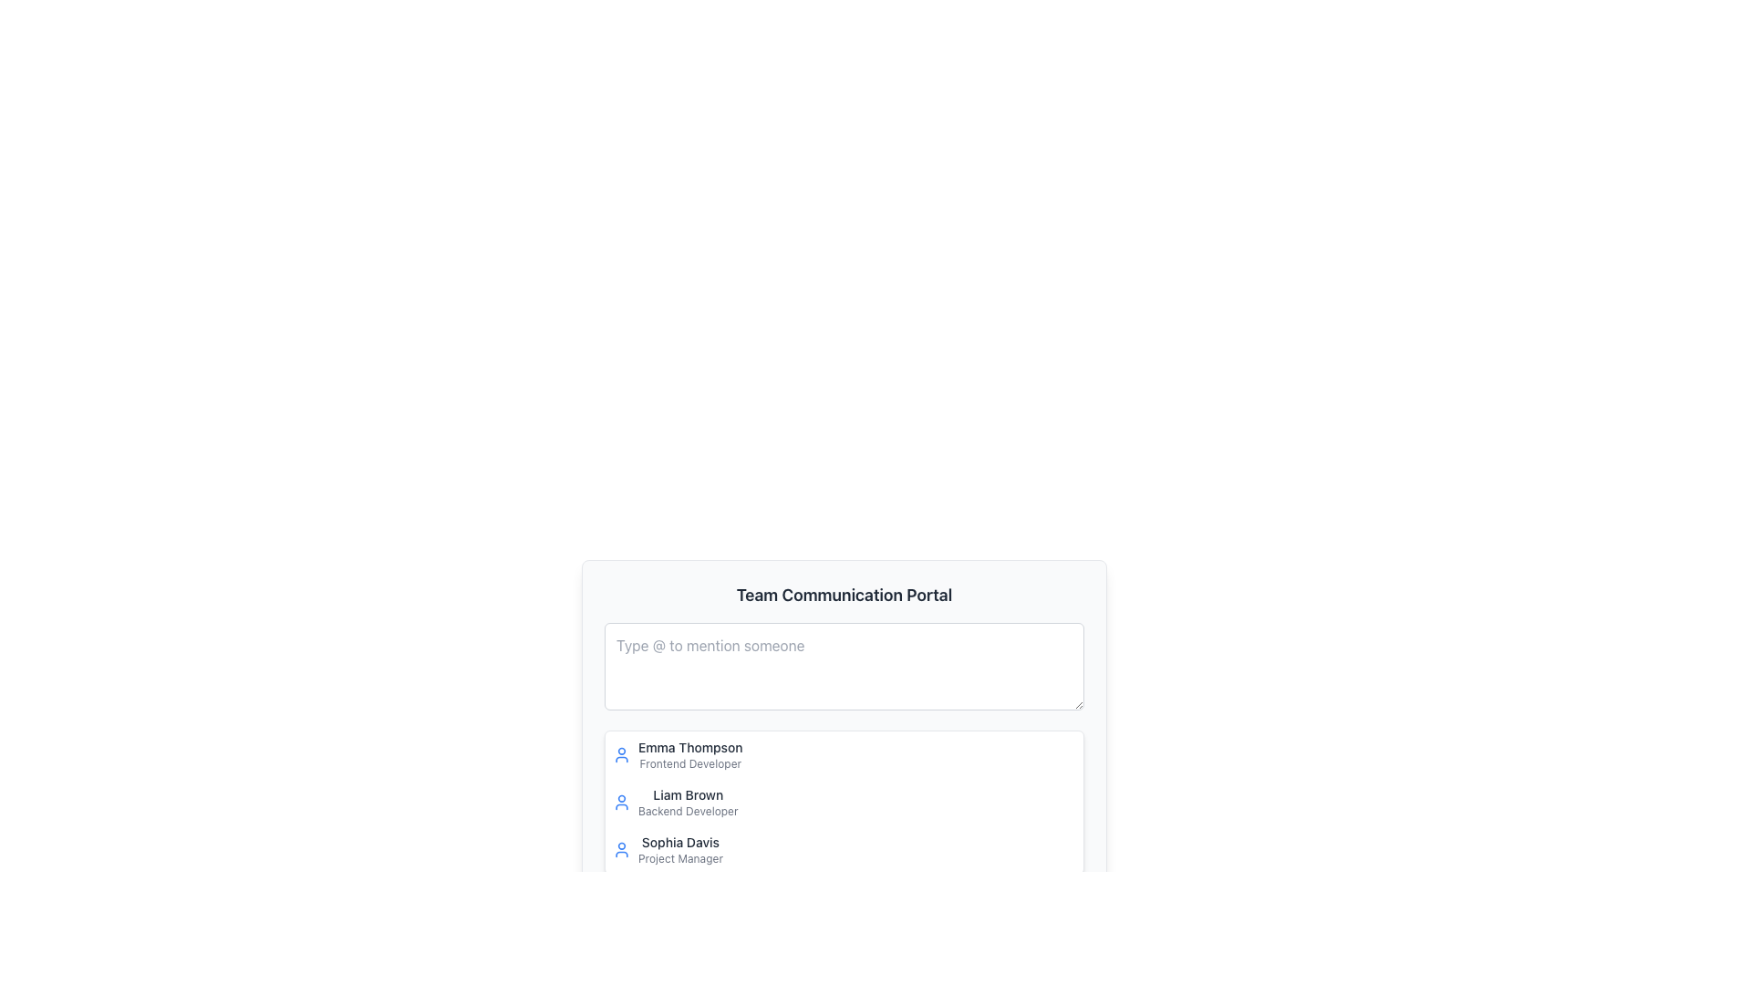 Image resolution: width=1751 pixels, height=985 pixels. What do you see at coordinates (621, 755) in the screenshot?
I see `the circular user avatar icon outlined in blue with a white background, featuring a simplified user silhouette, located to the left of the text 'Emma Thompson Frontend Developer' in the top-left area of the list item` at bounding box center [621, 755].